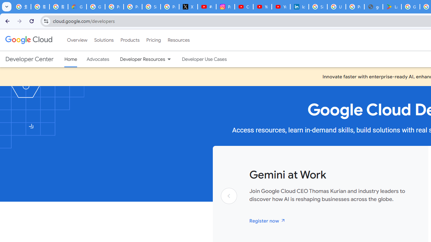 This screenshot has height=242, width=431. What do you see at coordinates (98, 59) in the screenshot?
I see `'Advocates'` at bounding box center [98, 59].